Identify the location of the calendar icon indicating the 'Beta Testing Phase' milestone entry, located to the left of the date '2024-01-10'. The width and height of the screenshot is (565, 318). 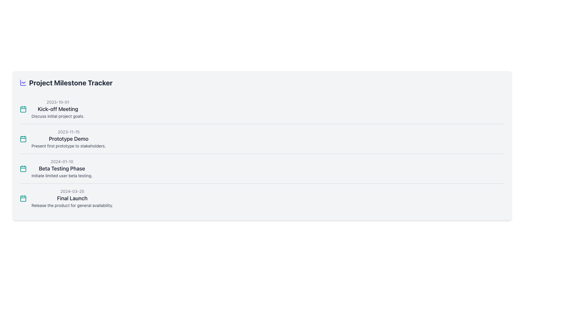
(23, 169).